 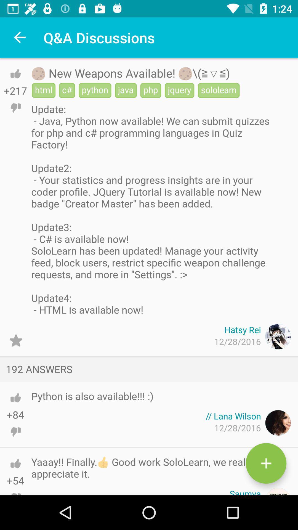 What do you see at coordinates (15, 340) in the screenshot?
I see `the item on the left` at bounding box center [15, 340].